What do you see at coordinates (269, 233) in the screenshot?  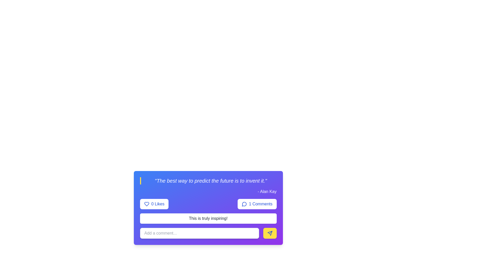 I see `the Icon button located in the bottom-right corner of the card interface to send a message` at bounding box center [269, 233].